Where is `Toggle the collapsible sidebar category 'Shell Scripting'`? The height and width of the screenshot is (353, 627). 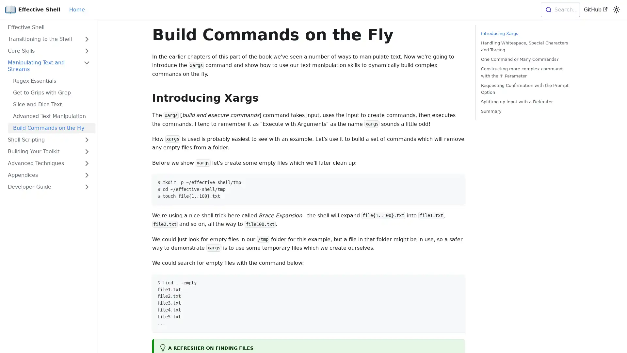
Toggle the collapsible sidebar category 'Shell Scripting' is located at coordinates (86, 140).